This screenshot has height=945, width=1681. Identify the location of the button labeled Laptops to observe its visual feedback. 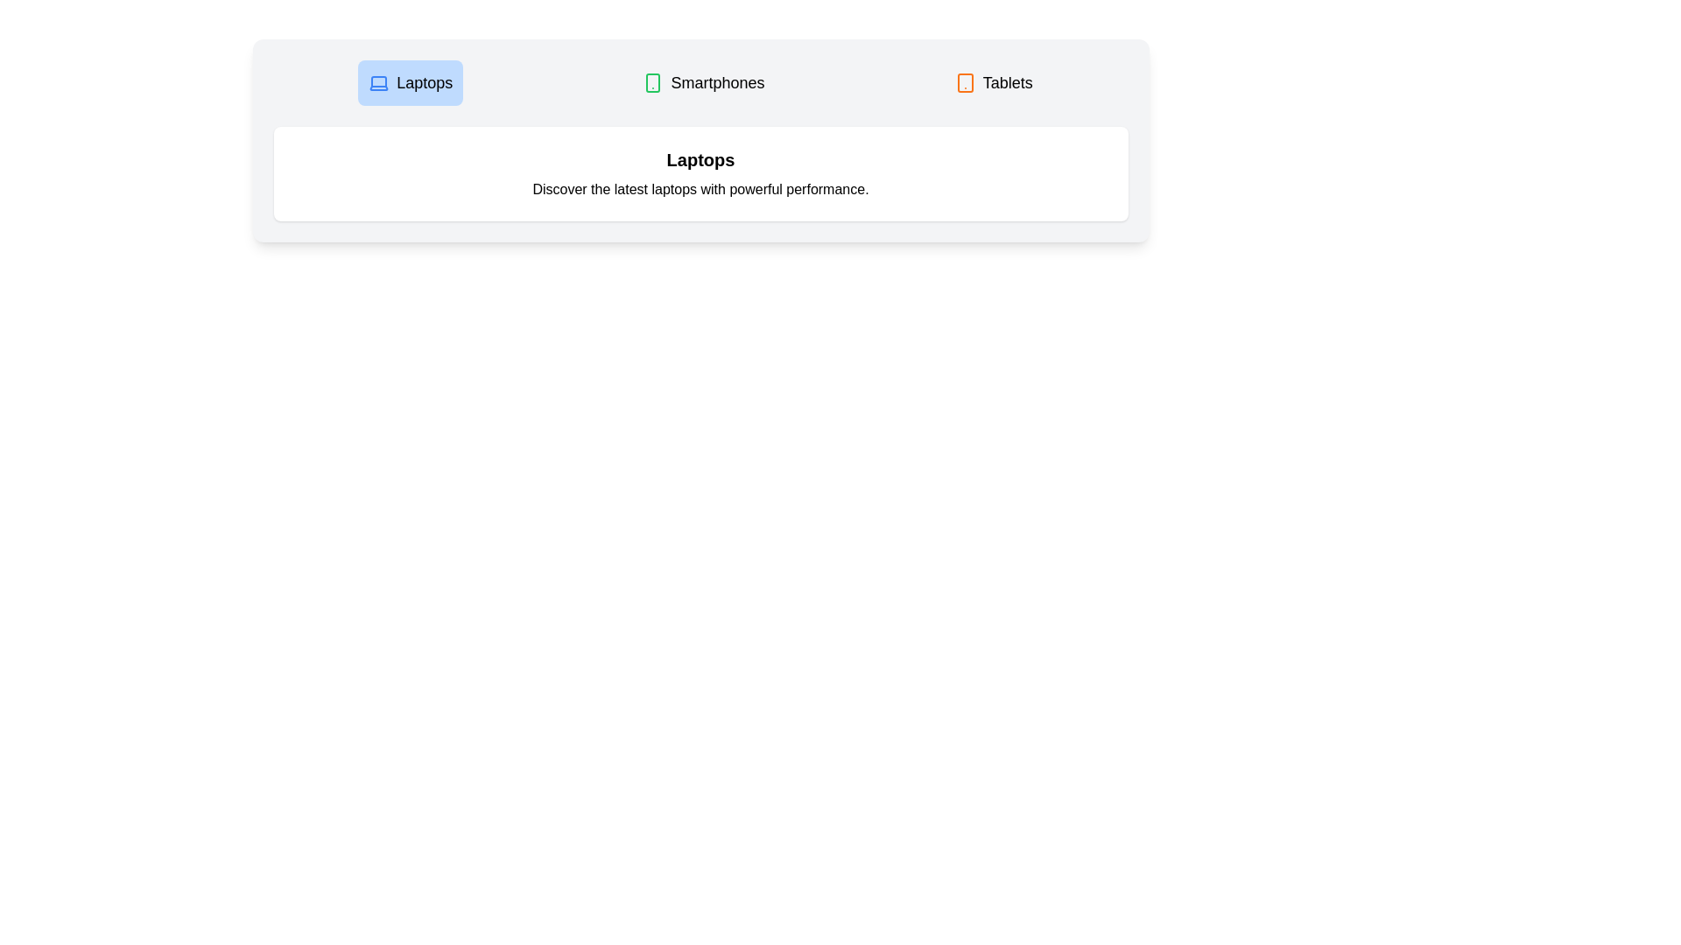
(410, 83).